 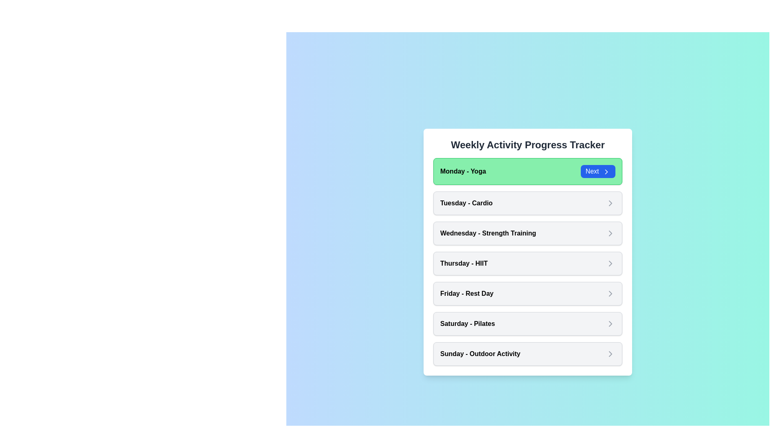 I want to click on the text label that displays 'Tuesday - Cardio', which is part of a vertical list of activities, positioned between 'Monday - Yoga' and 'Wednesday - Strength Training', so click(x=466, y=202).